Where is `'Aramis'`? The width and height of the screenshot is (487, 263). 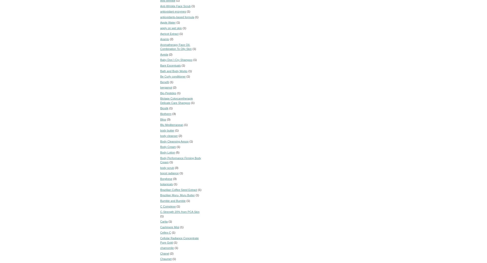 'Aramis' is located at coordinates (165, 39).